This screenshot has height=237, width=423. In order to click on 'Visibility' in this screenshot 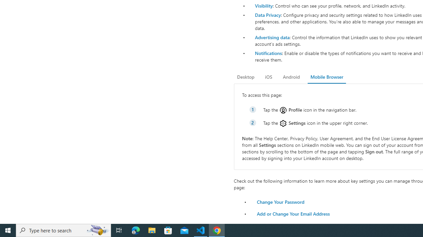, I will do `click(263, 6)`.